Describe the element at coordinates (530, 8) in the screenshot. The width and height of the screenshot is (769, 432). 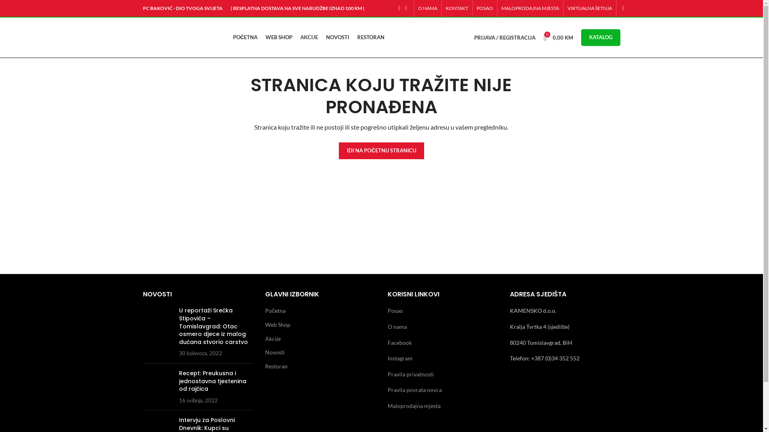
I see `'MALOPRODAJNA MJESTA'` at that location.